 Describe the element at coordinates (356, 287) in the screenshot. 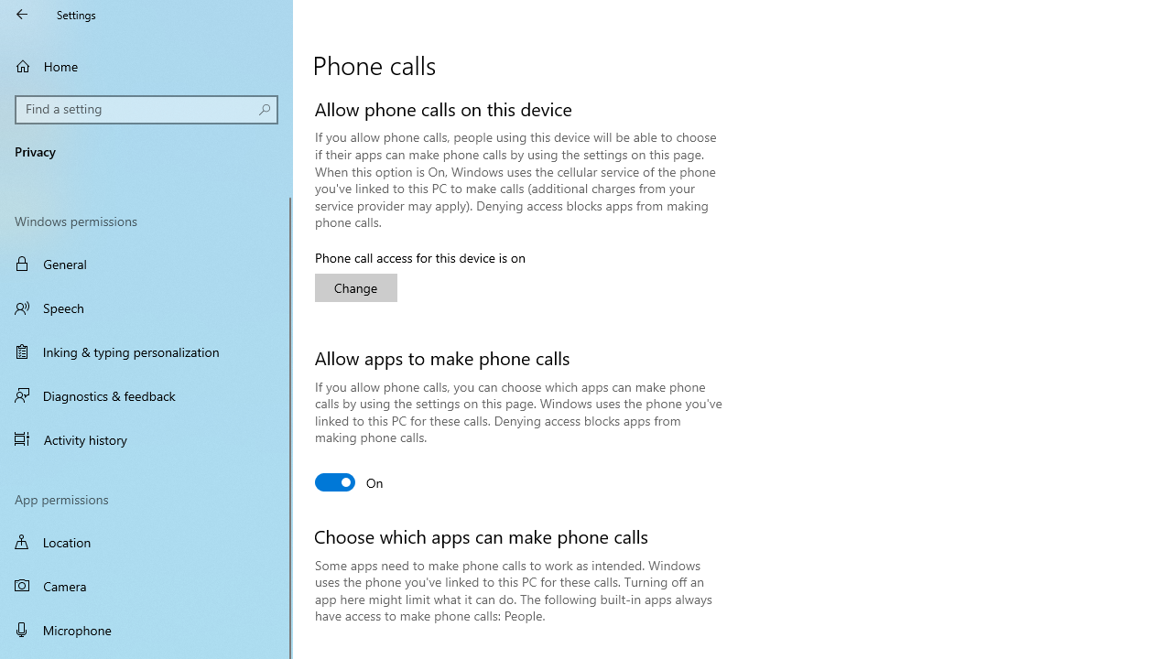

I see `'Change'` at that location.